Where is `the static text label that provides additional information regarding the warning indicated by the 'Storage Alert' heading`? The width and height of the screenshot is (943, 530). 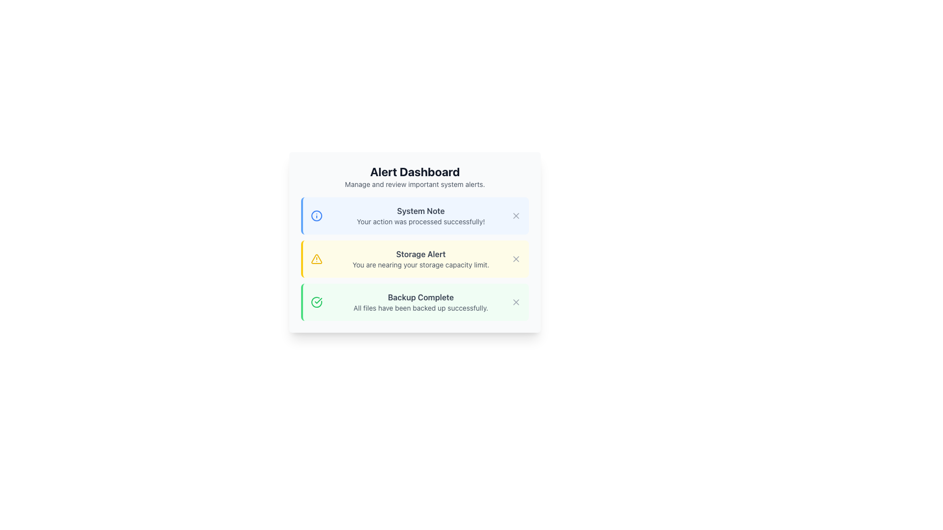
the static text label that provides additional information regarding the warning indicated by the 'Storage Alert' heading is located at coordinates (421, 265).